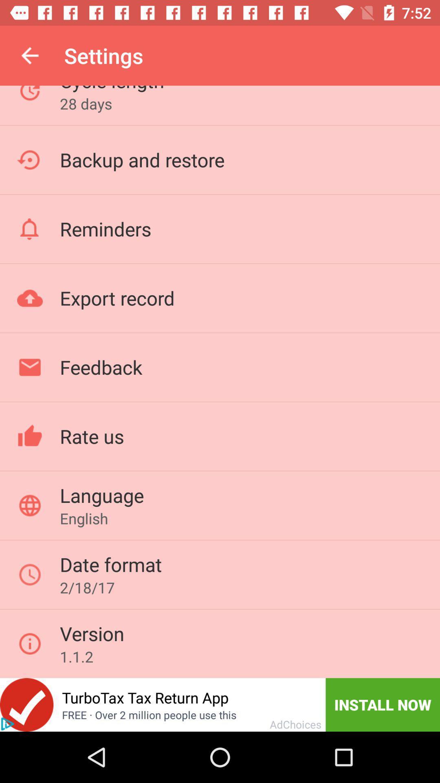  I want to click on the item above the language item, so click(92, 436).